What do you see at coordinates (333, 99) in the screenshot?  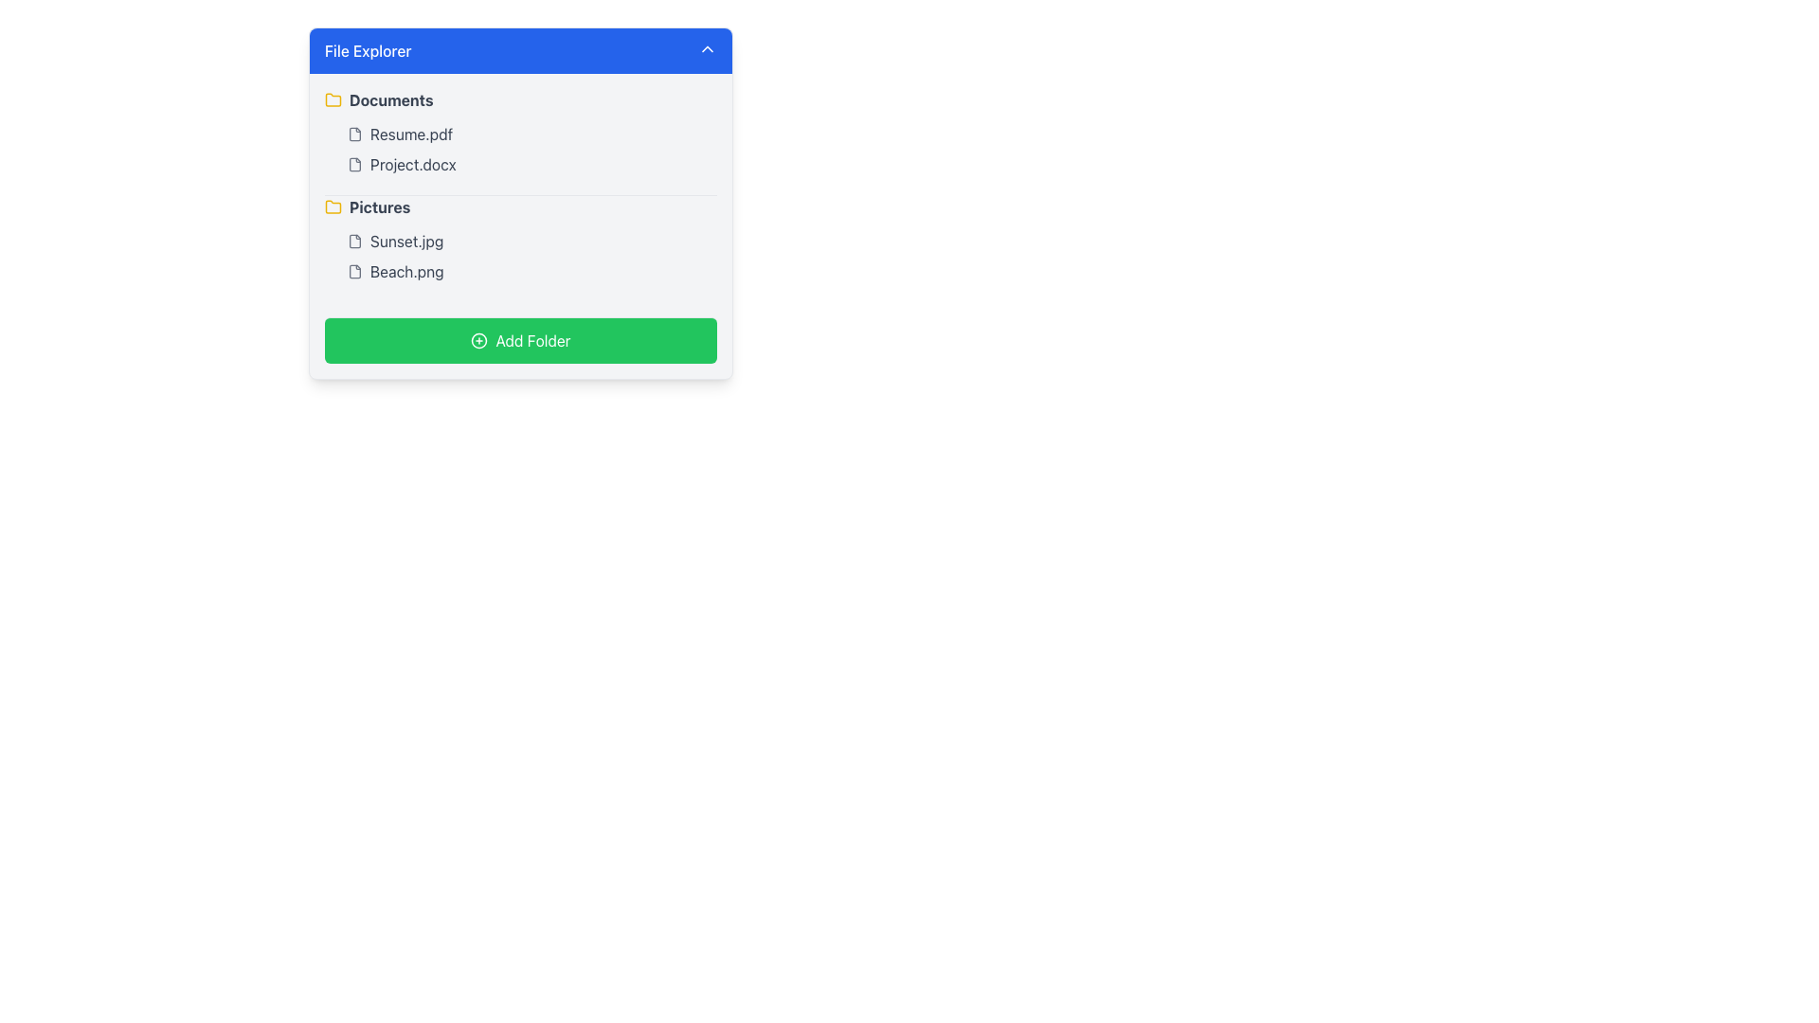 I see `the 'Documents' icon in the file explorer interface, which is positioned immediately to the left of the 'Documents' text label` at bounding box center [333, 99].